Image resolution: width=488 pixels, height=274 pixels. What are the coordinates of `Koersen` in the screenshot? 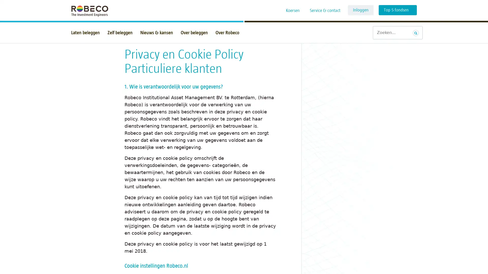 It's located at (293, 11).